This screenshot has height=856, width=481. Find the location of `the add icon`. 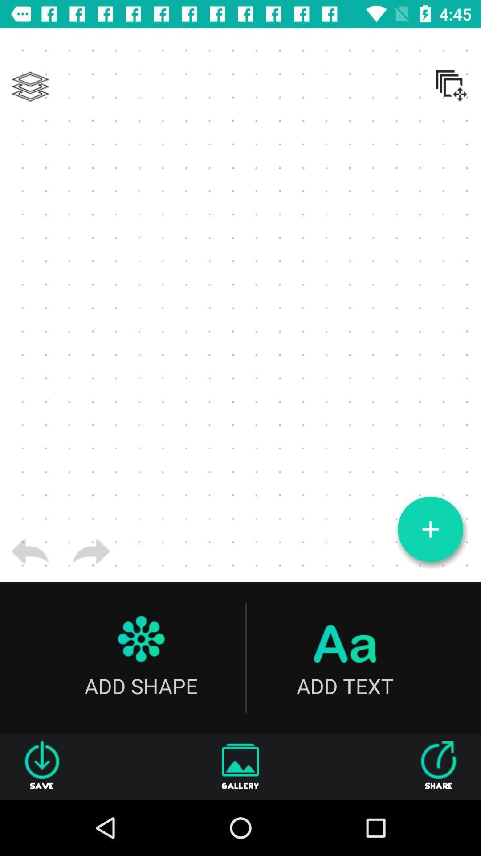

the add icon is located at coordinates (430, 529).